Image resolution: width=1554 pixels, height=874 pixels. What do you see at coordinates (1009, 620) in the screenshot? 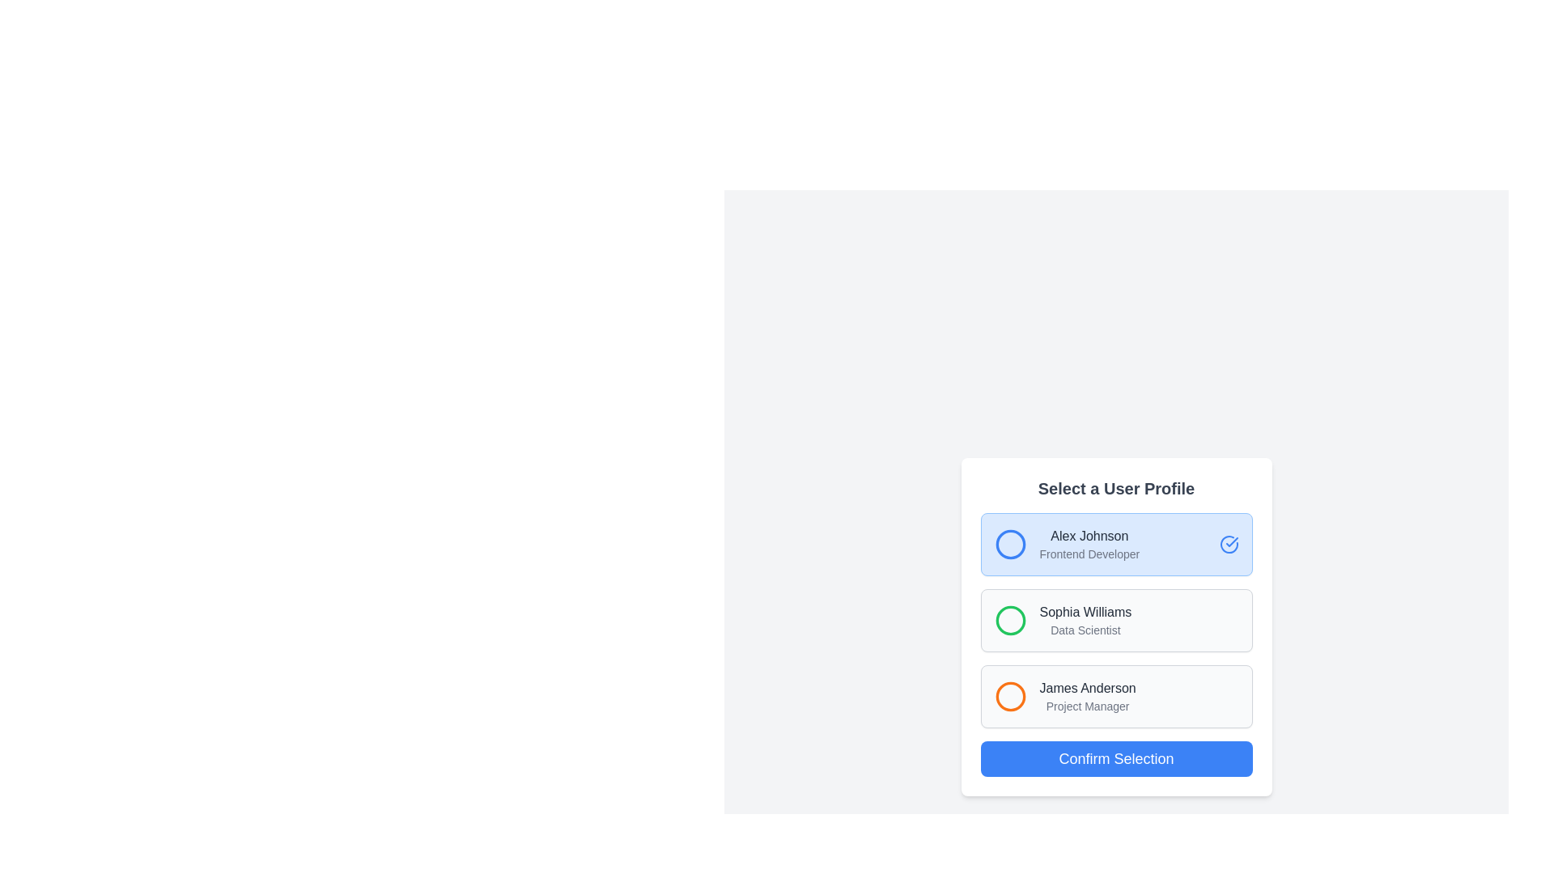
I see `the Circular Selection Indicator` at bounding box center [1009, 620].